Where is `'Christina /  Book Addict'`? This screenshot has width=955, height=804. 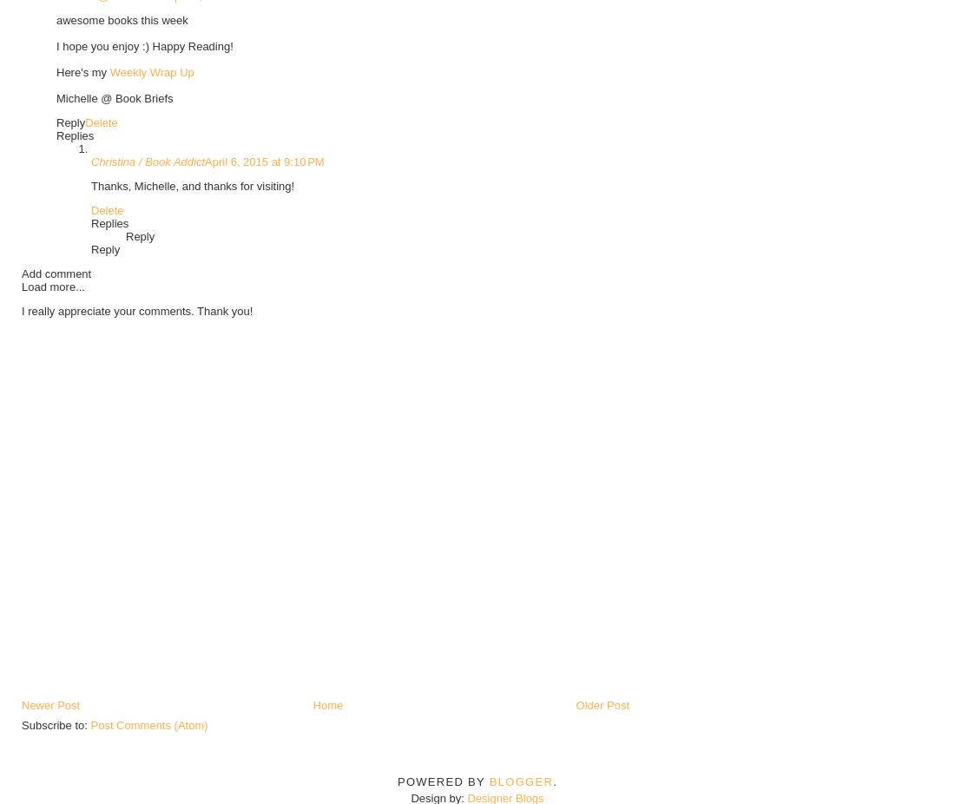
'Christina /  Book Addict' is located at coordinates (147, 160).